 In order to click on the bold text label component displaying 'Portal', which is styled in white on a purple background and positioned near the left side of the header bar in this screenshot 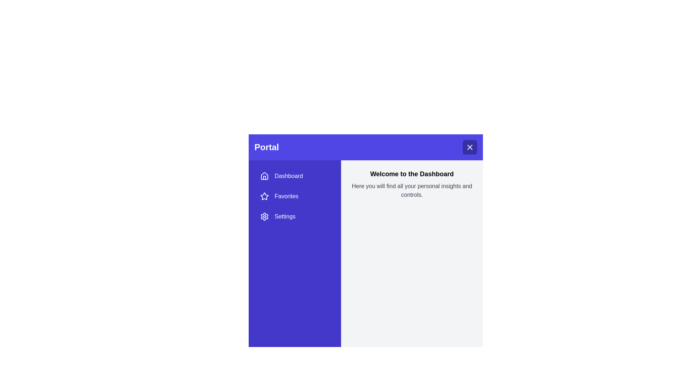, I will do `click(266, 147)`.